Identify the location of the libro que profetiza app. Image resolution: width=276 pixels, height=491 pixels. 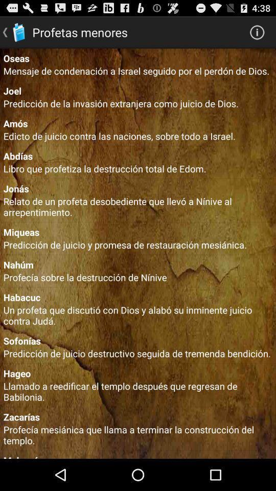
(138, 168).